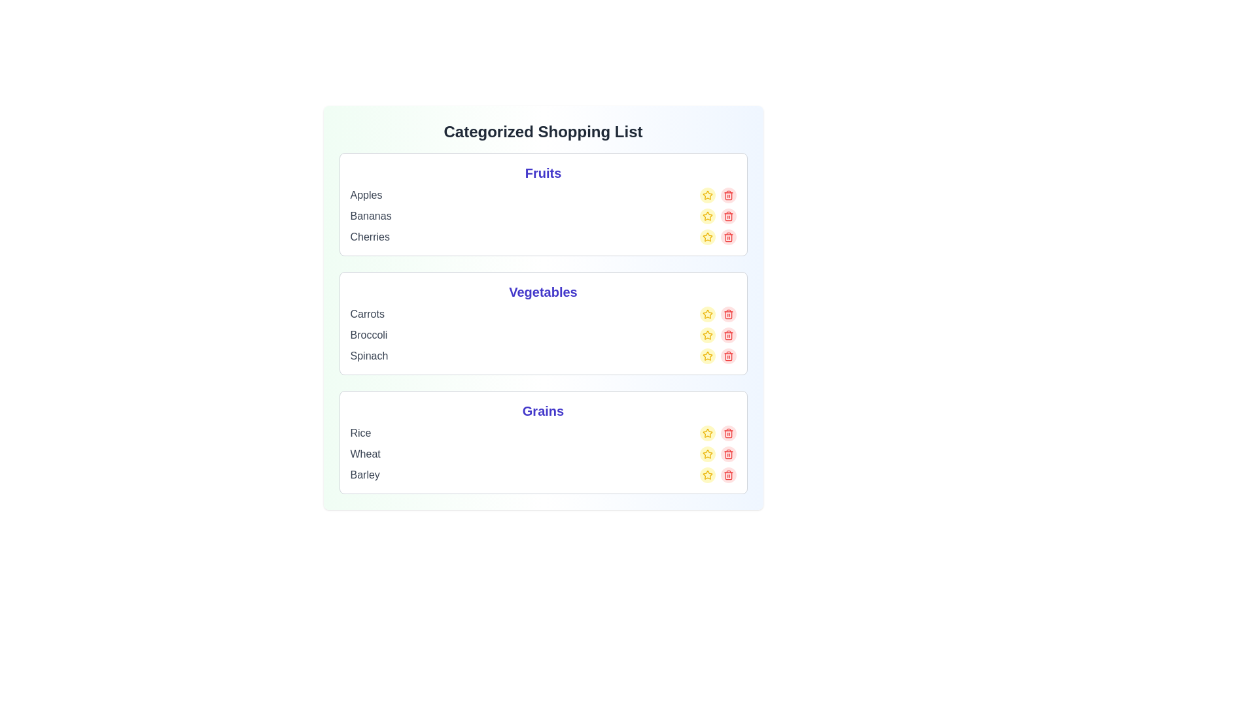 The width and height of the screenshot is (1256, 706). I want to click on the delete button for the item Cherries, so click(727, 237).